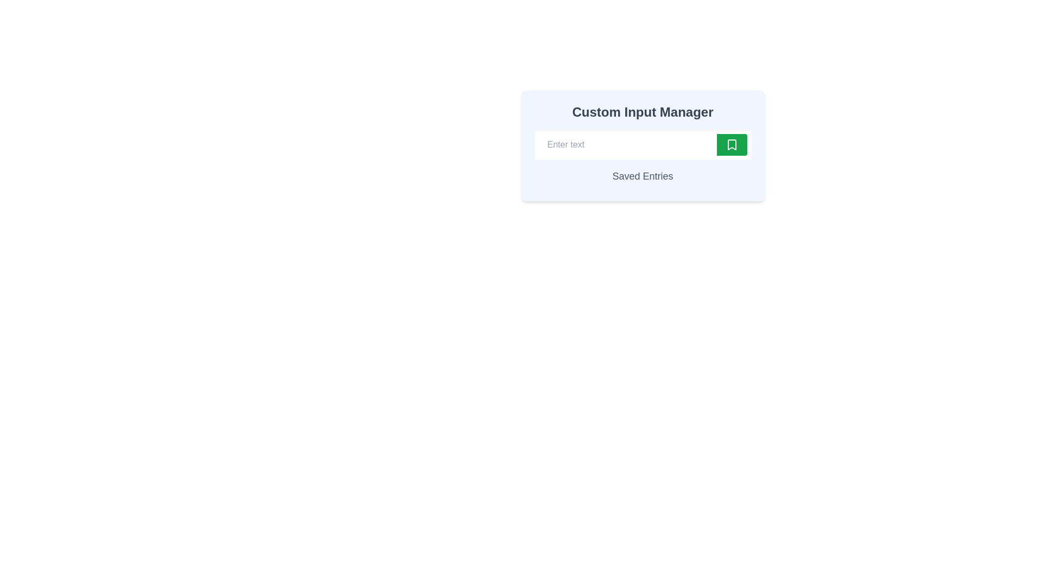  Describe the element at coordinates (643, 175) in the screenshot. I see `the 'Saved Entries' text label located at the bottom center of the 'Custom Input Manager' section` at that location.